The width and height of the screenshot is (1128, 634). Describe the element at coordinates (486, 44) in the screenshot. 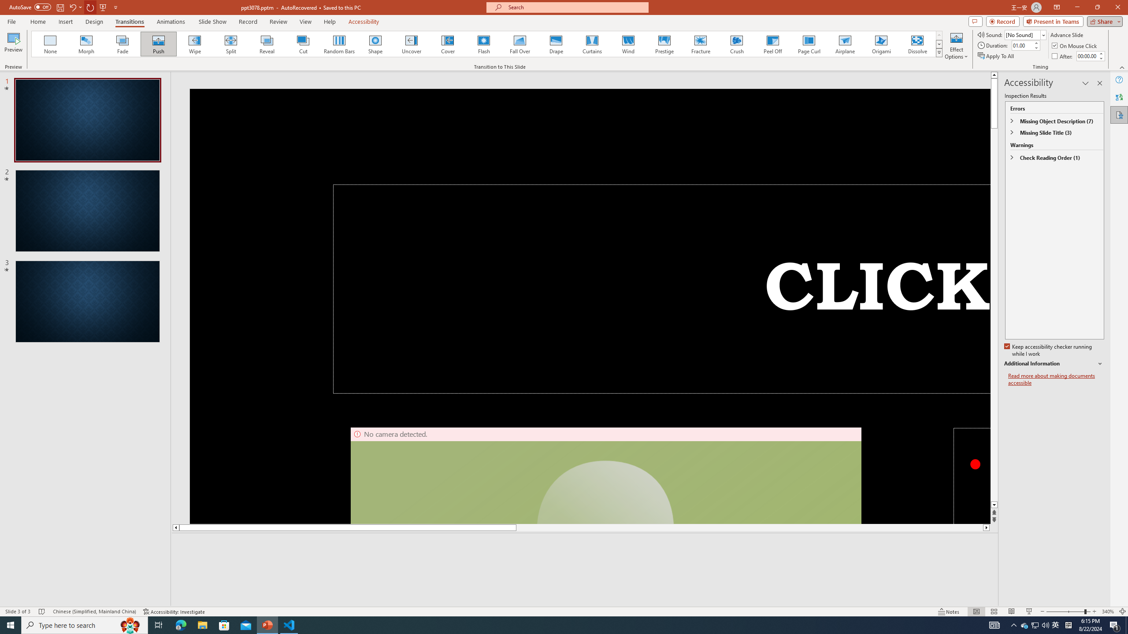

I see `'AutomationID: AnimationTransitionGallery'` at that location.